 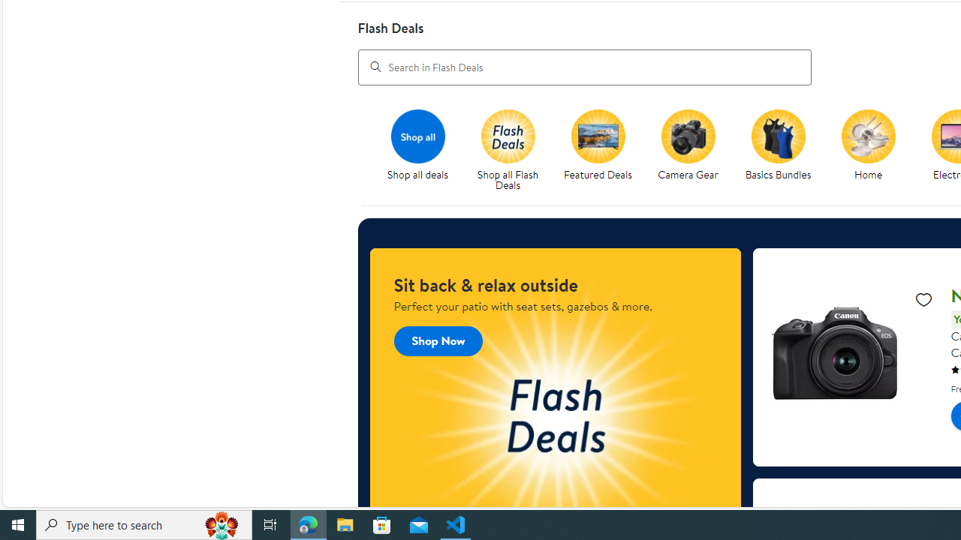 I want to click on 'Featured Deals', so click(x=604, y=151).